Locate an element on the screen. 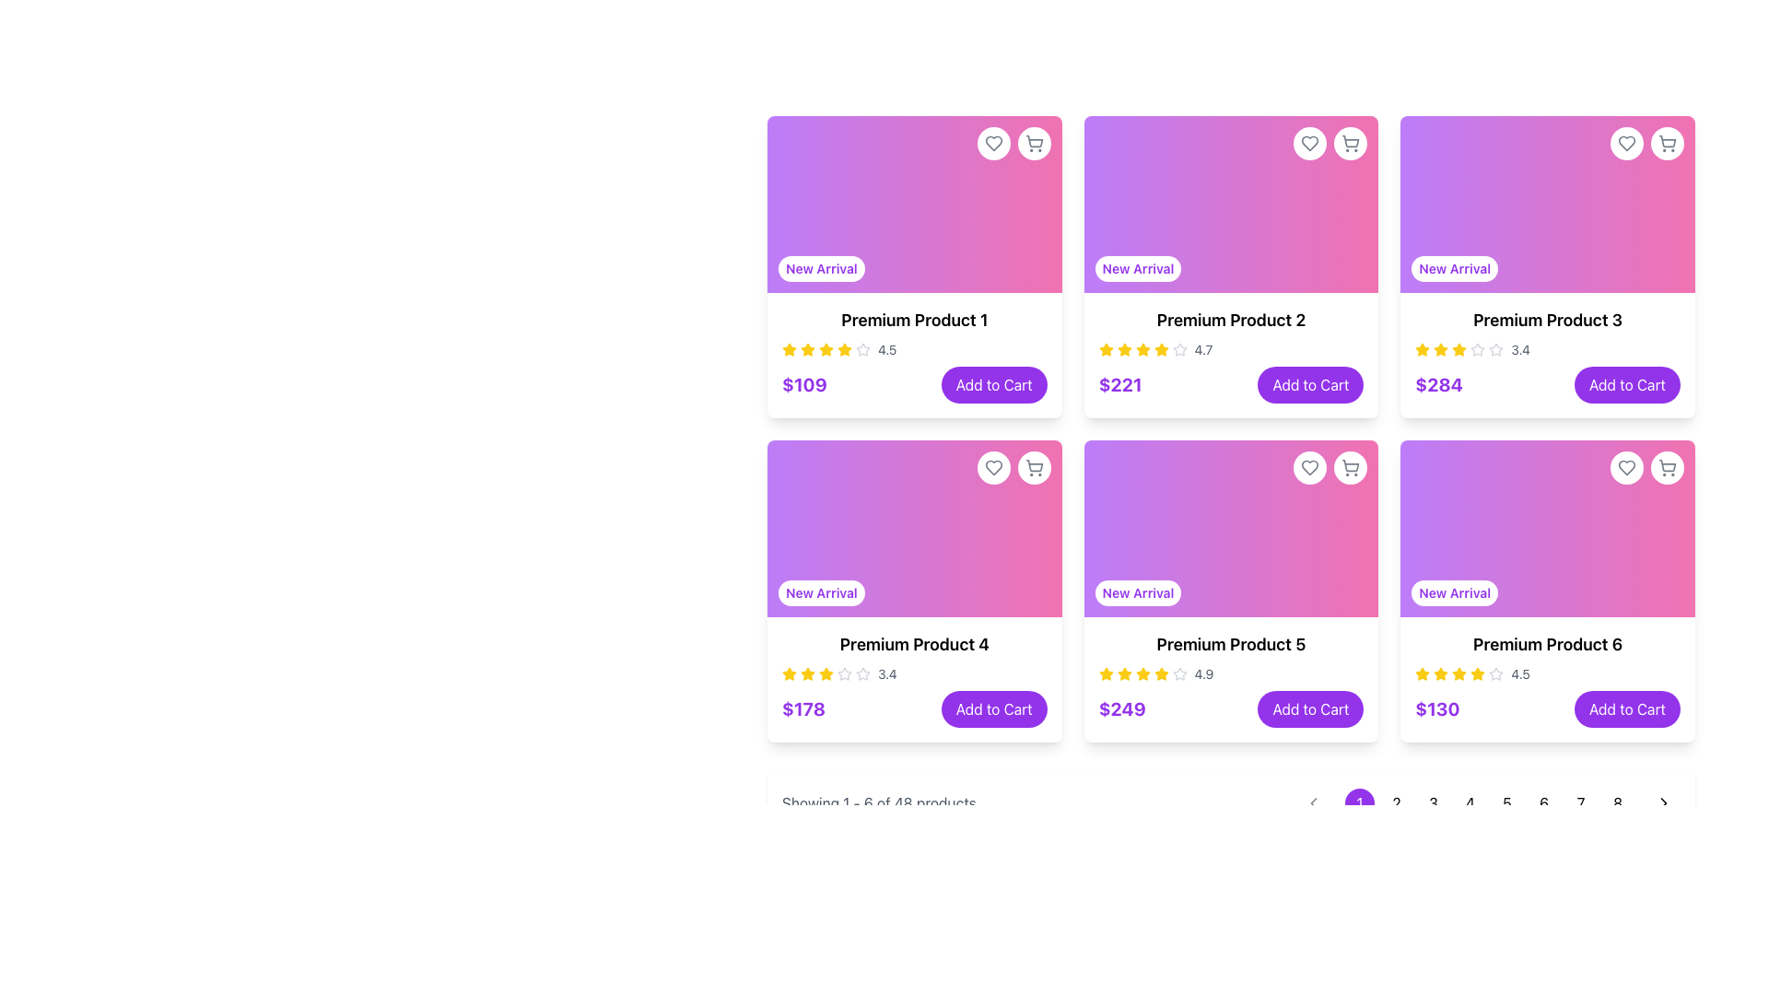  the 'Add to Cart' button with rounded edges, purple background, and white text located in the bottom-right corner of the 'Premium Product 6' card is located at coordinates (1627, 708).